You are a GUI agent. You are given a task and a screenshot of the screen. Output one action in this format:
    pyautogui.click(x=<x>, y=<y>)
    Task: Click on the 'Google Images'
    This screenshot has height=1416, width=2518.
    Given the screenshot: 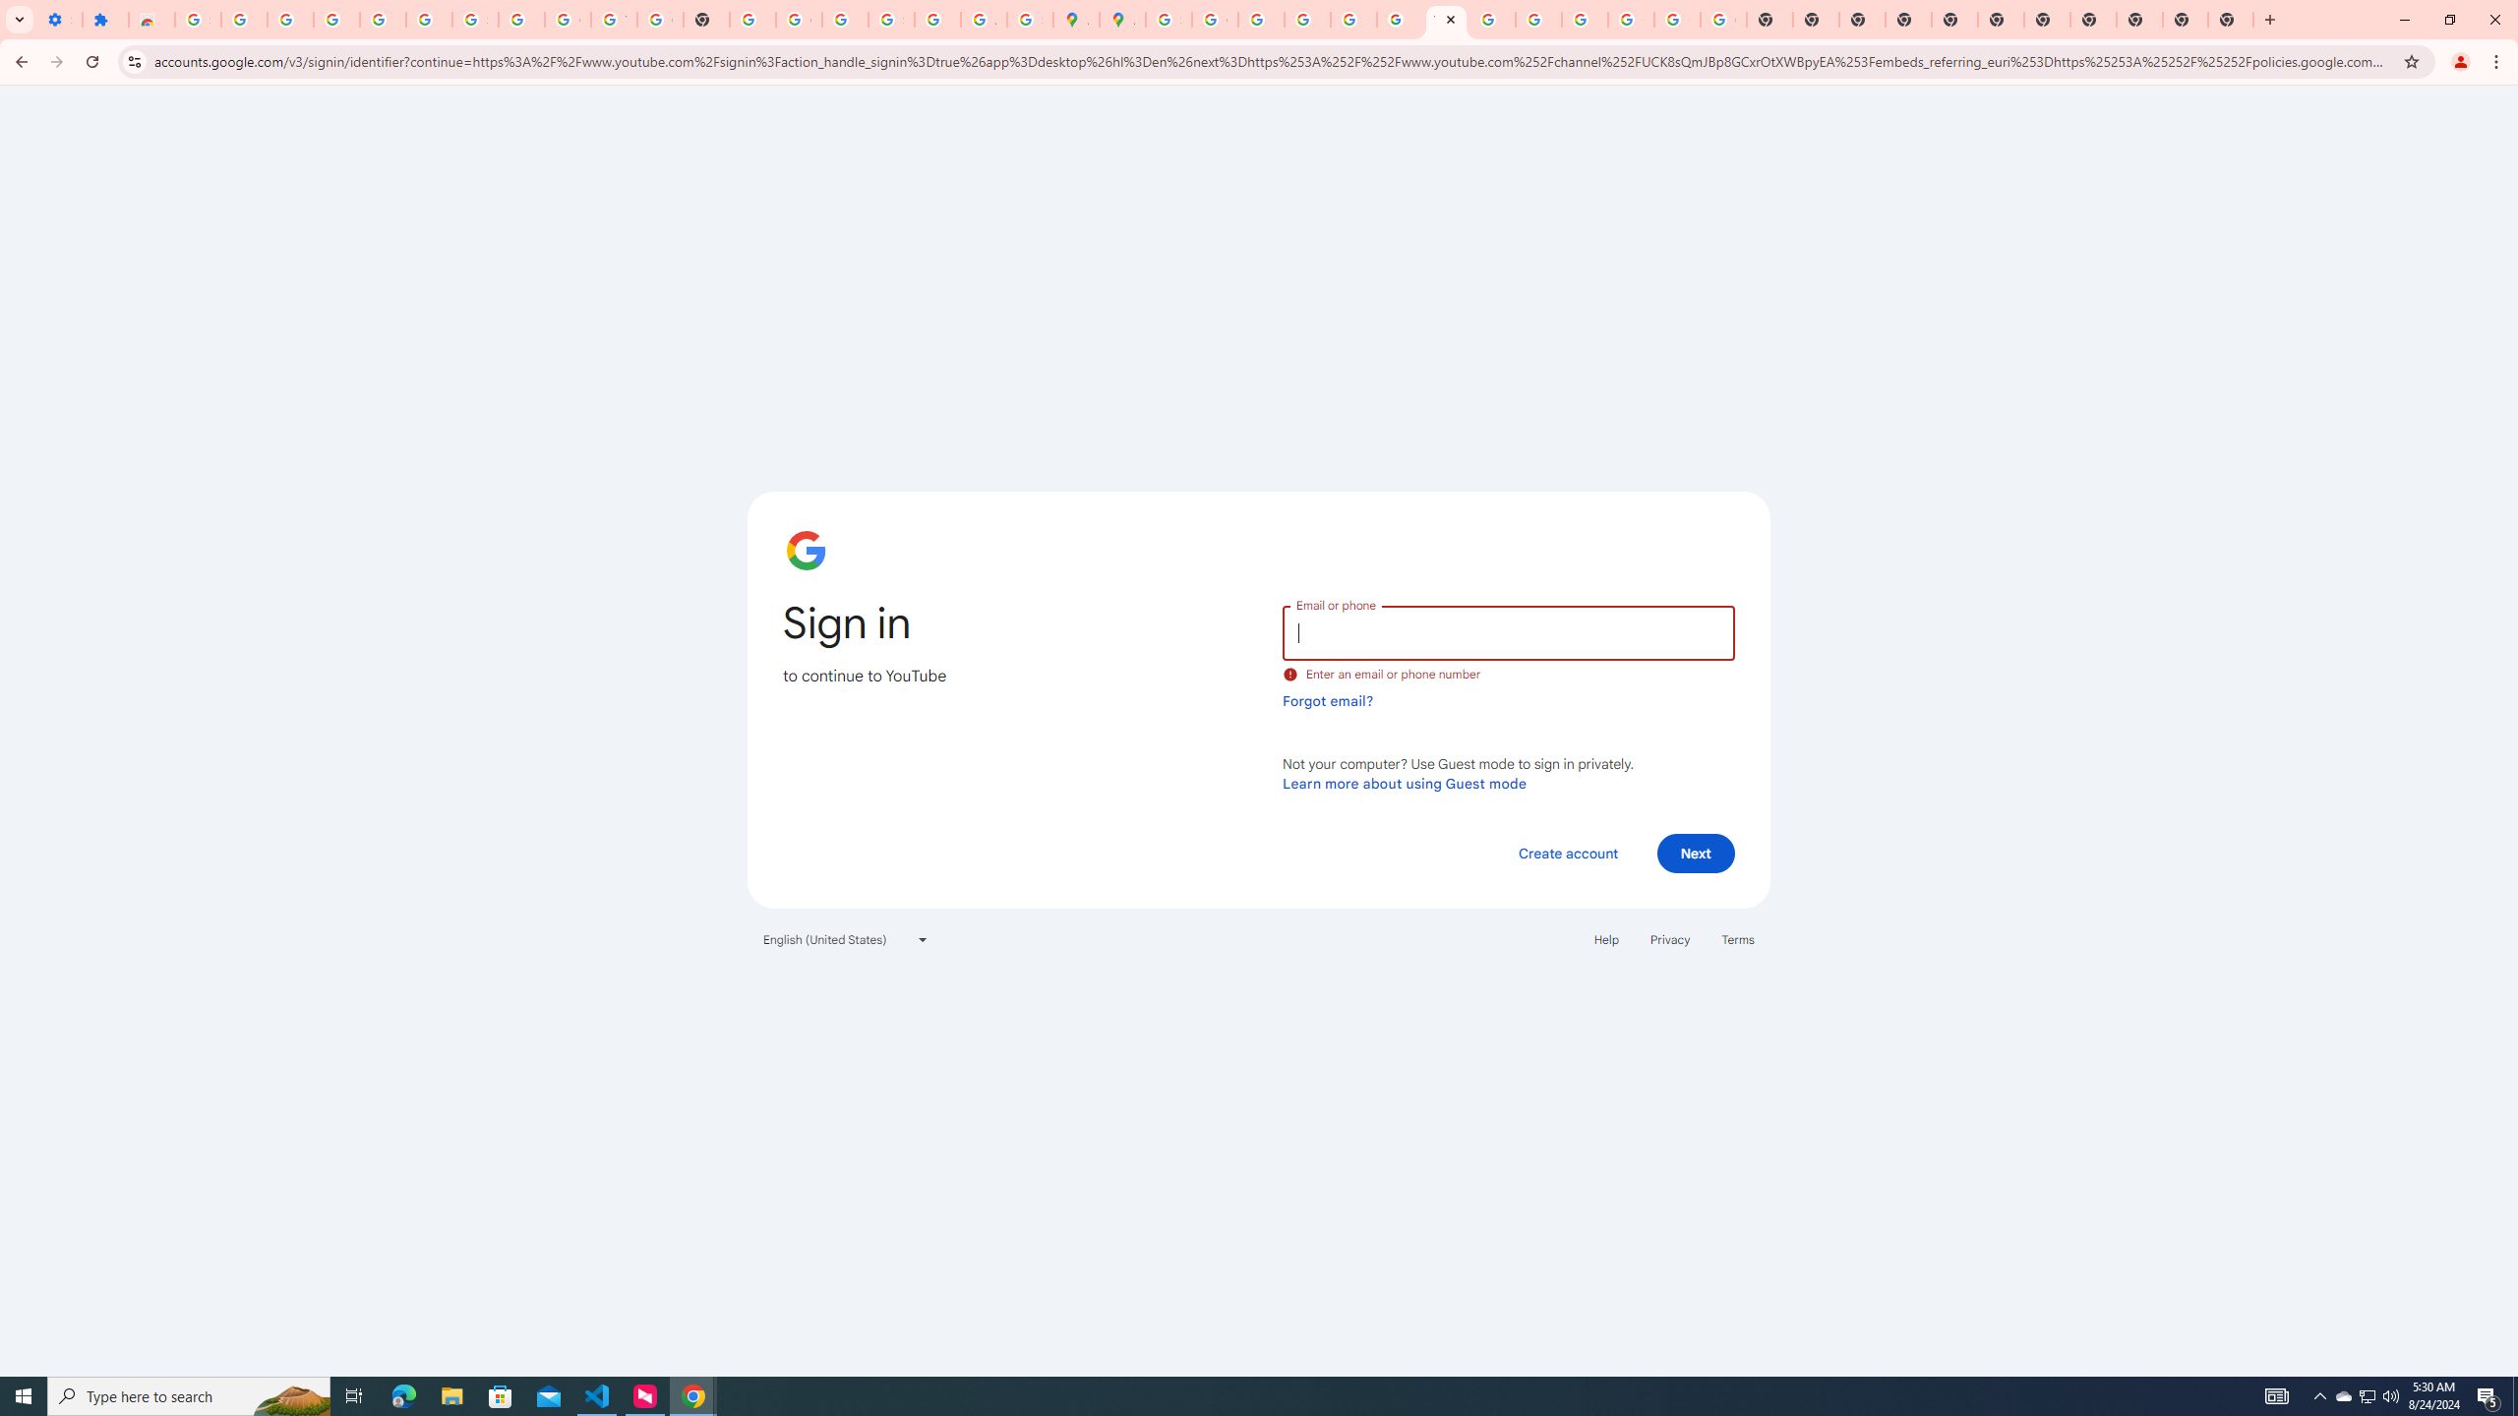 What is the action you would take?
    pyautogui.click(x=1723, y=19)
    